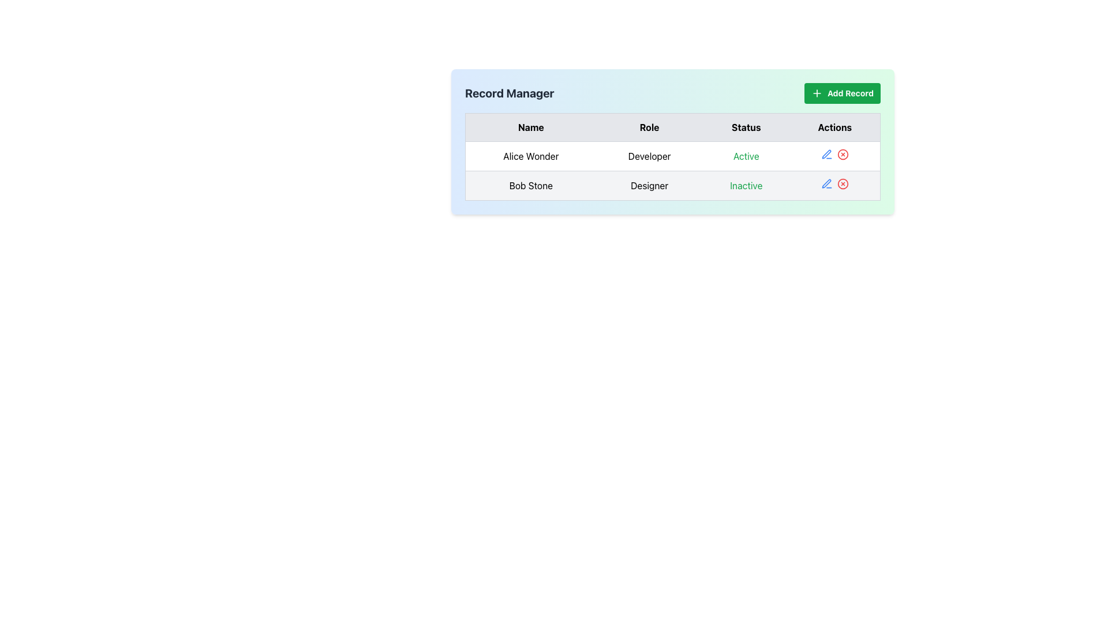 The image size is (1108, 623). Describe the element at coordinates (530, 156) in the screenshot. I see `text displayed in the Text display field showing 'Alice Wonder', located in the first column of the first row of the user details table` at that location.